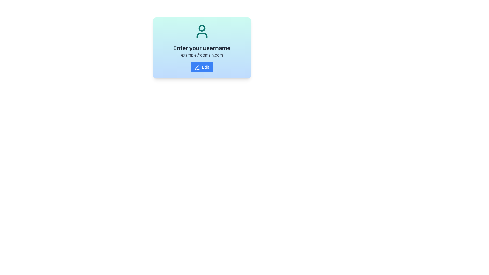 This screenshot has width=489, height=275. I want to click on the circular icon of the user avatar graphic, which is positioned at the top center of the card design, so click(201, 28).